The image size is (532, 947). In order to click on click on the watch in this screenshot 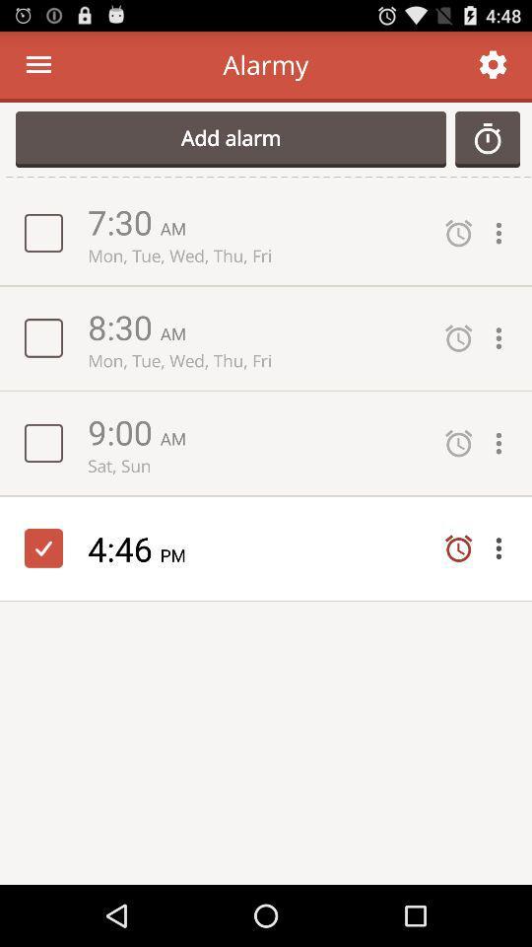, I will do `click(487, 138)`.